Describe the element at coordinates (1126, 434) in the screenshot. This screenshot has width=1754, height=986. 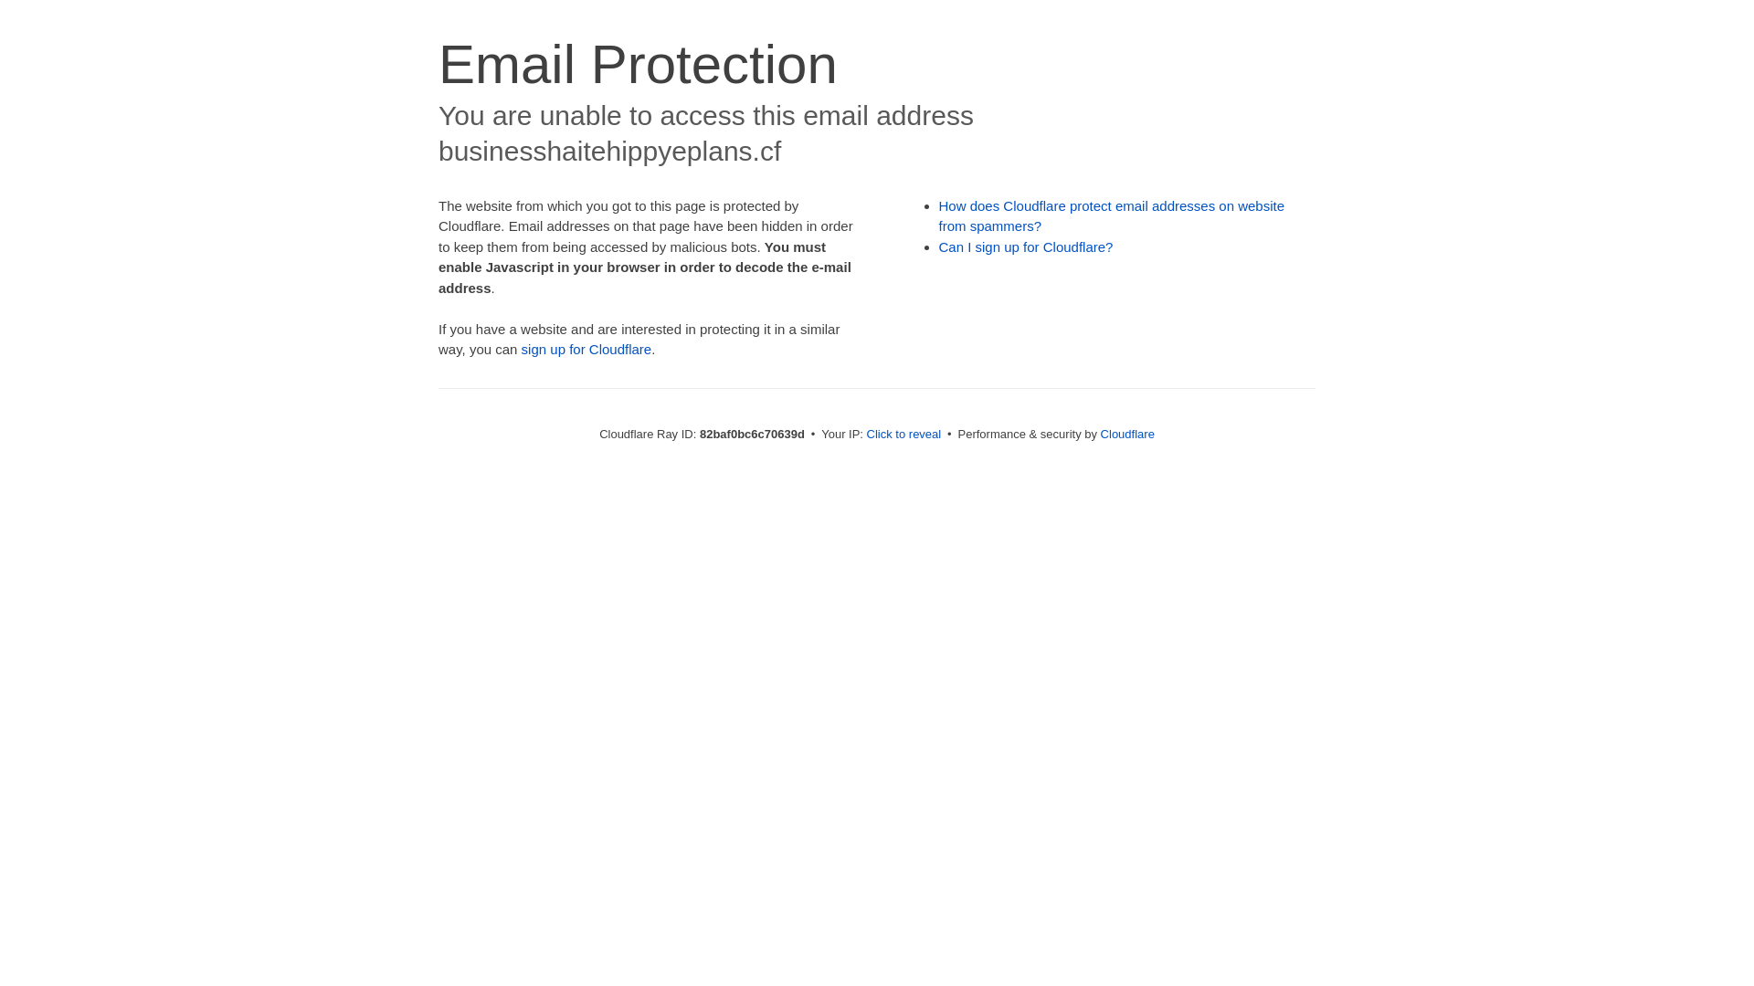
I see `'Cloudflare'` at that location.